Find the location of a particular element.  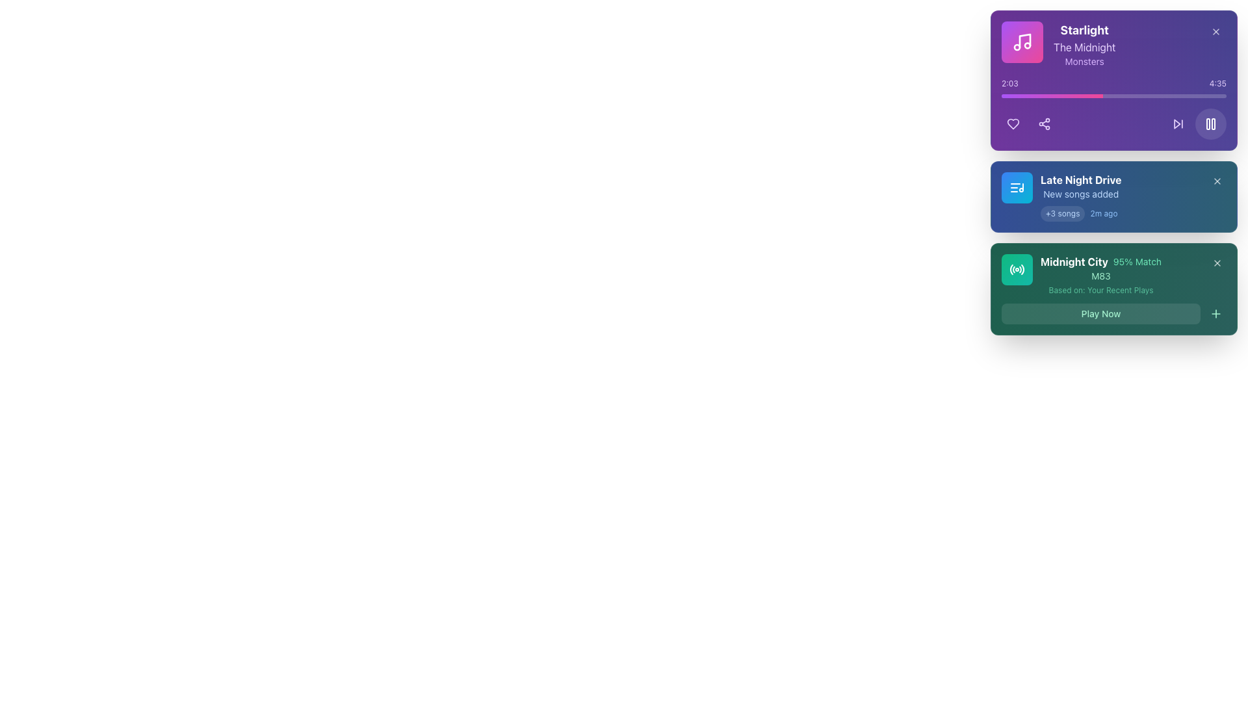

playback progress is located at coordinates (1088, 95).